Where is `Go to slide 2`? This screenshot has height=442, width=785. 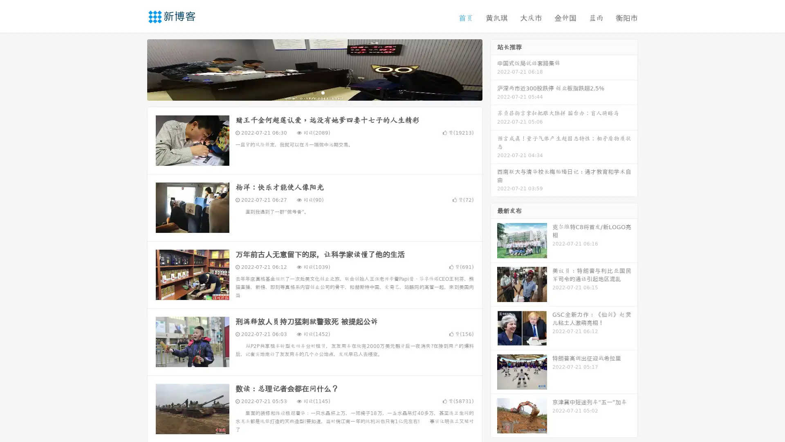 Go to slide 2 is located at coordinates (314, 92).